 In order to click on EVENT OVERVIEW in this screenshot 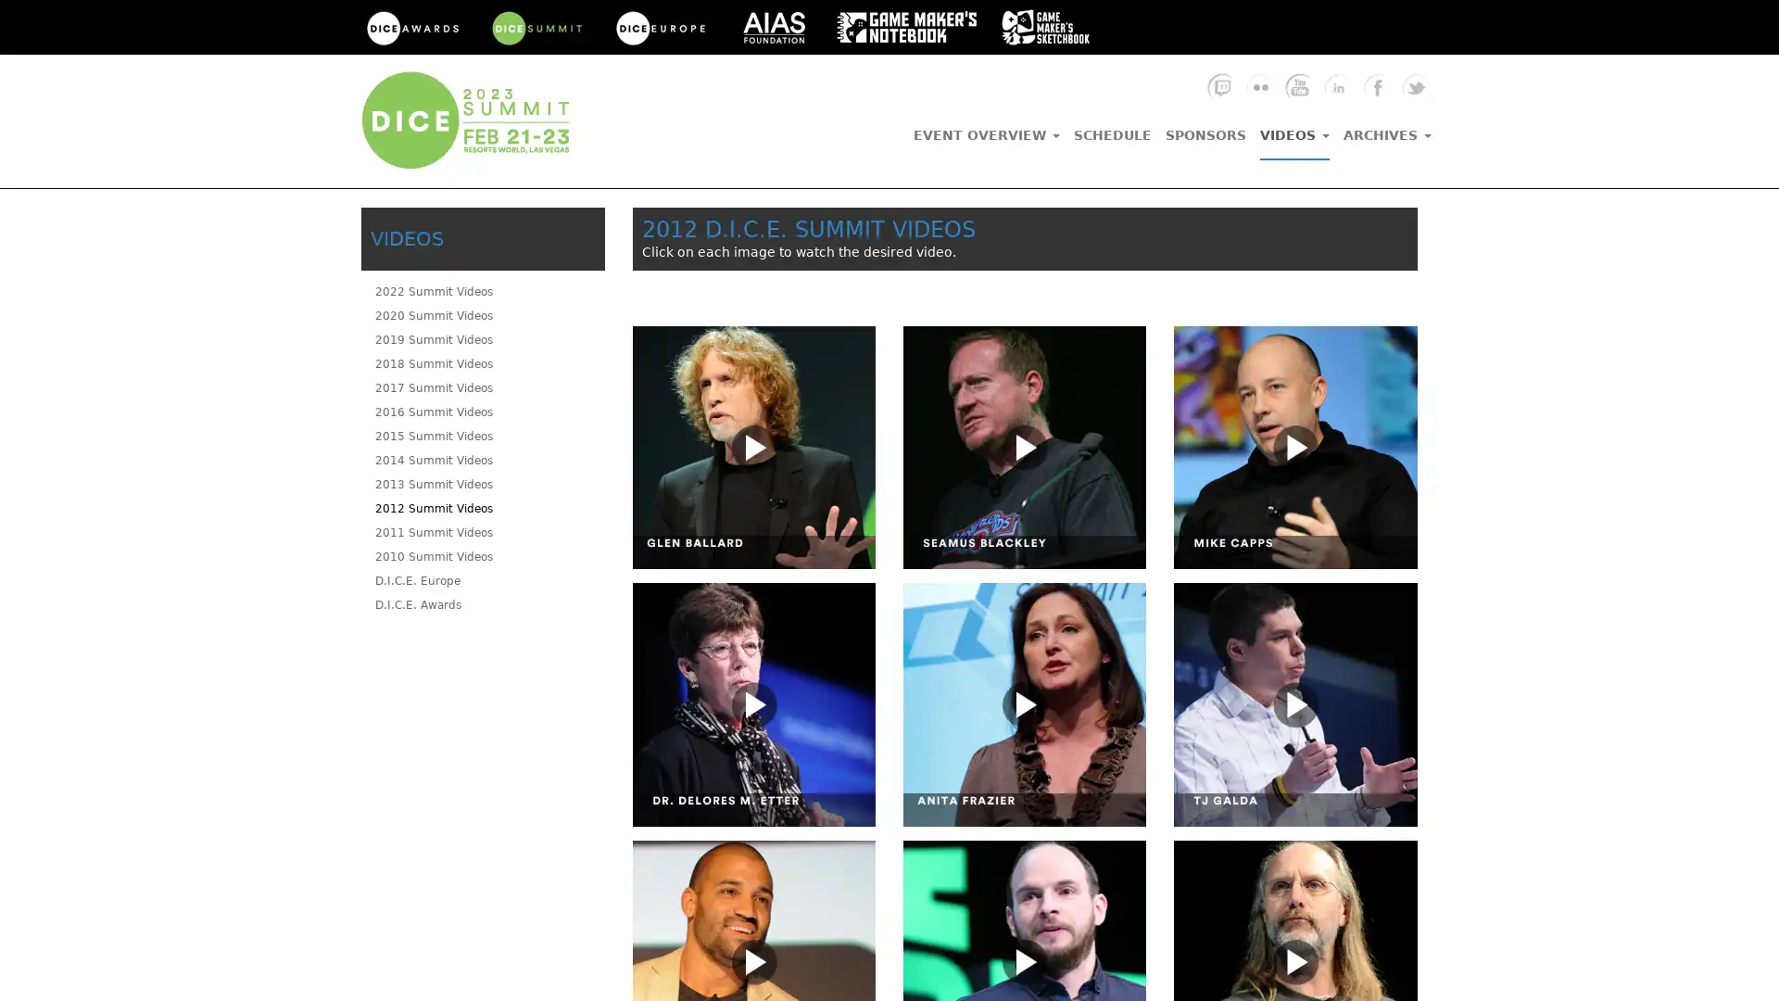, I will do `click(986, 134)`.